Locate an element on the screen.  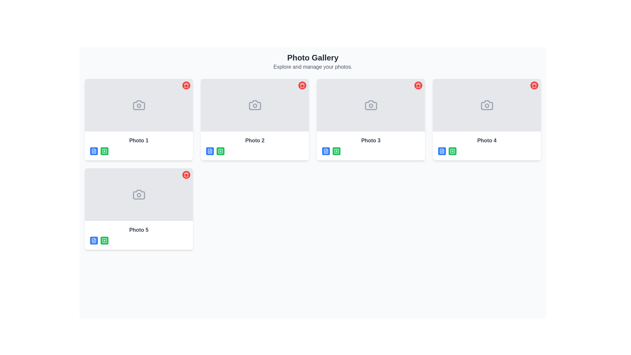
the leftmost button in the row of action buttons below the card for 'Photo 5' is located at coordinates (94, 241).